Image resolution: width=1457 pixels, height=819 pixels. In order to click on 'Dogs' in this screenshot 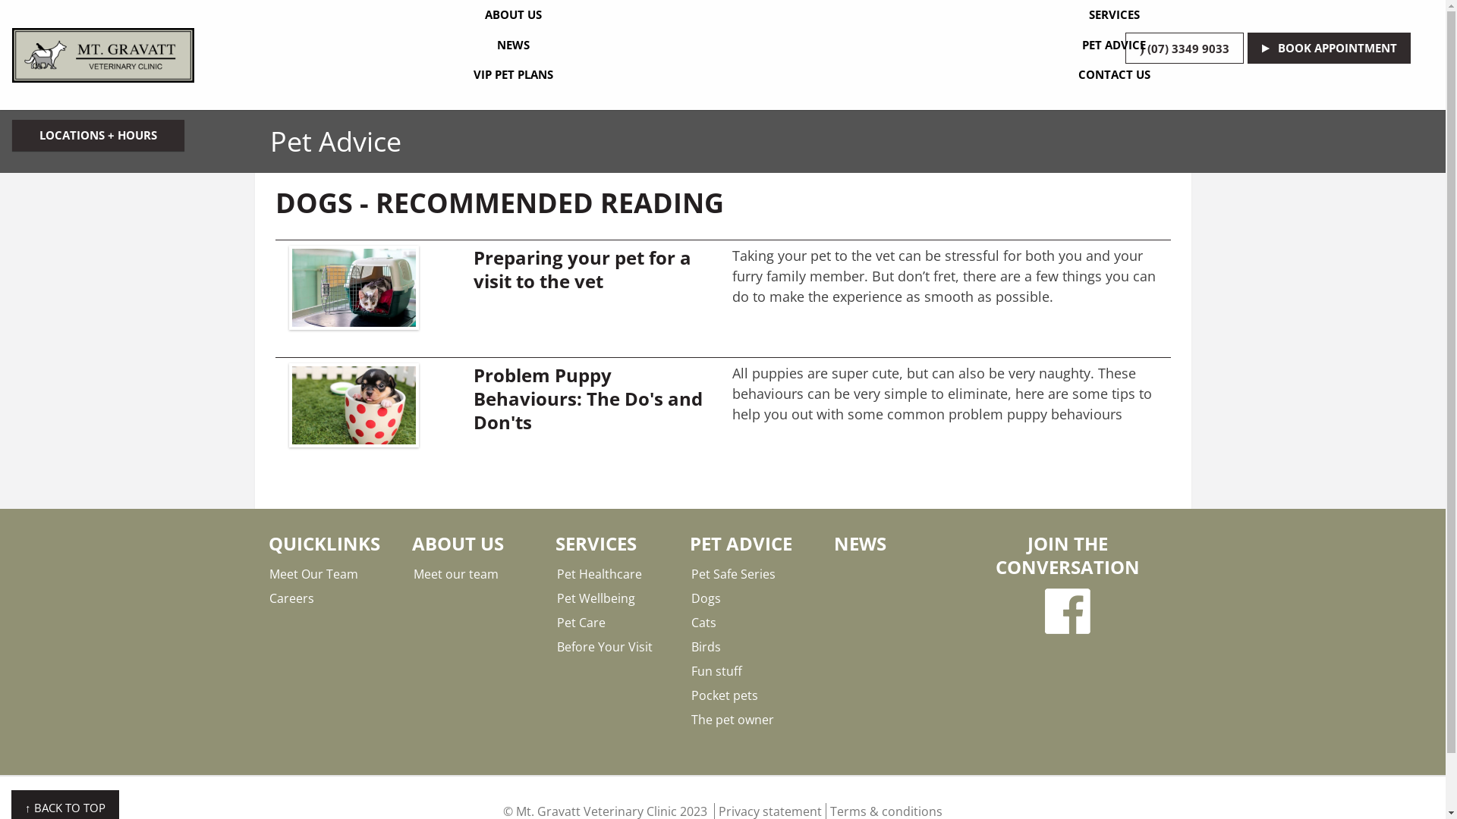, I will do `click(752, 598)`.